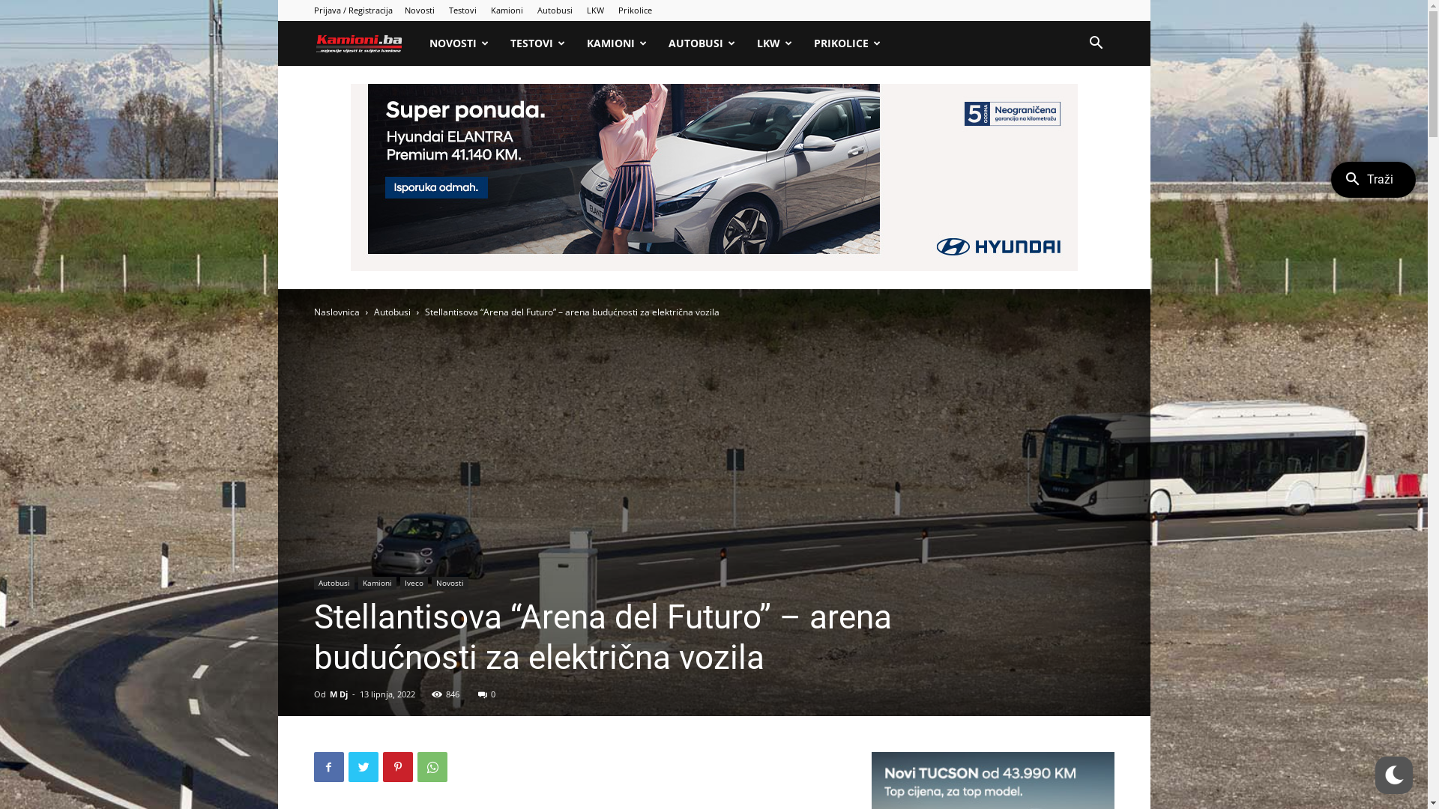  Describe the element at coordinates (617, 42) in the screenshot. I see `'KAMIONI'` at that location.